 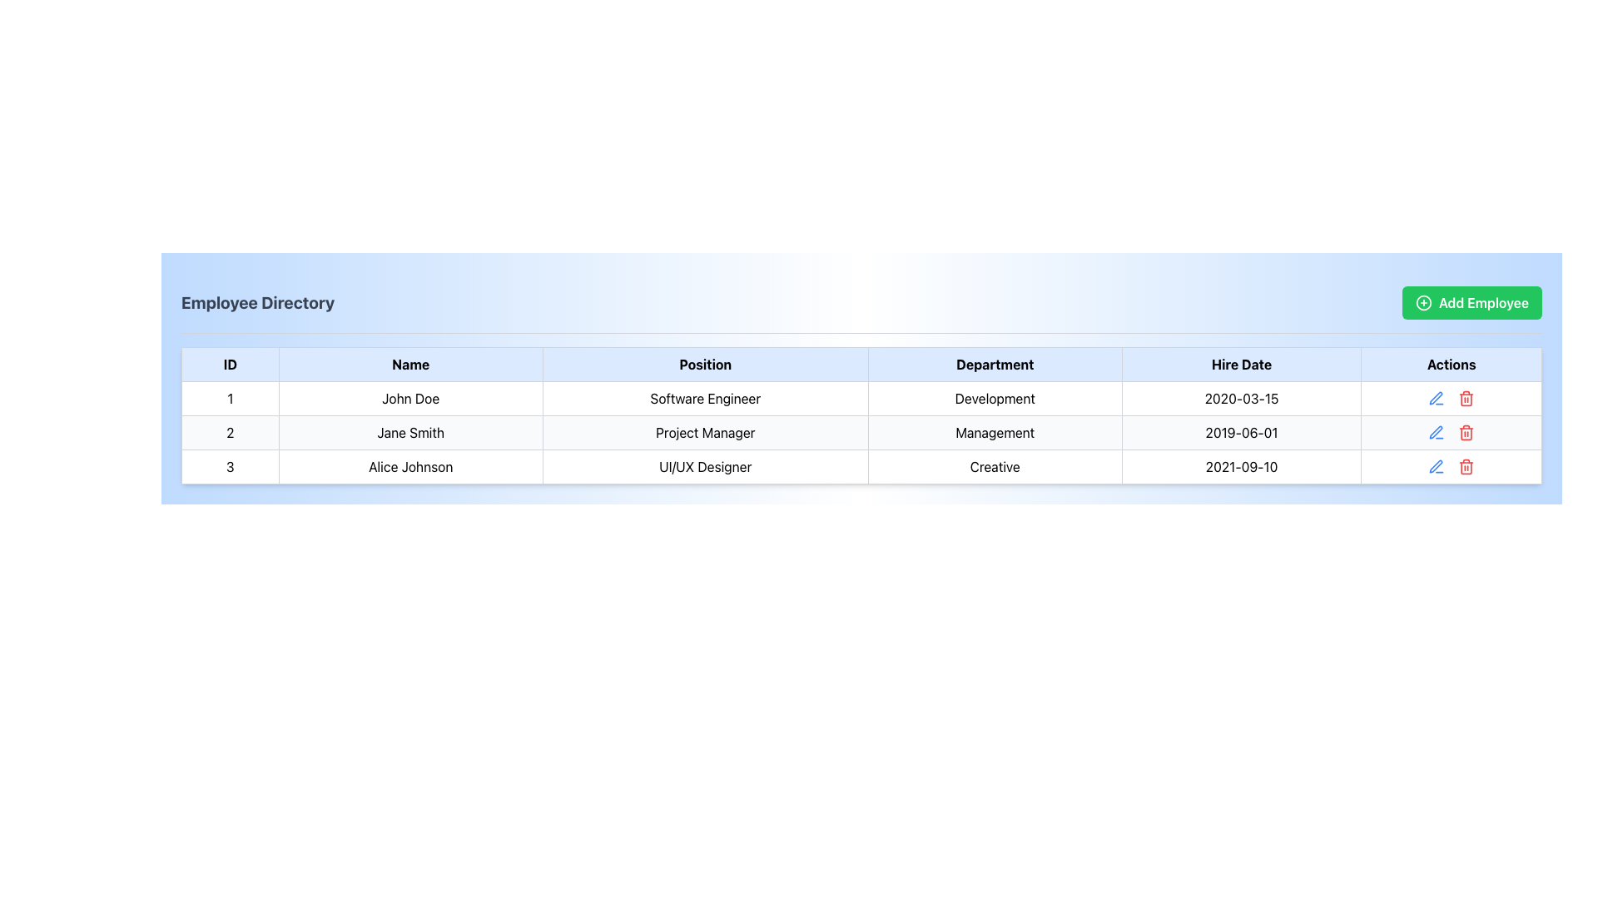 What do you see at coordinates (861, 398) in the screenshot?
I see `the first row of the employee table containing details about John Doe` at bounding box center [861, 398].